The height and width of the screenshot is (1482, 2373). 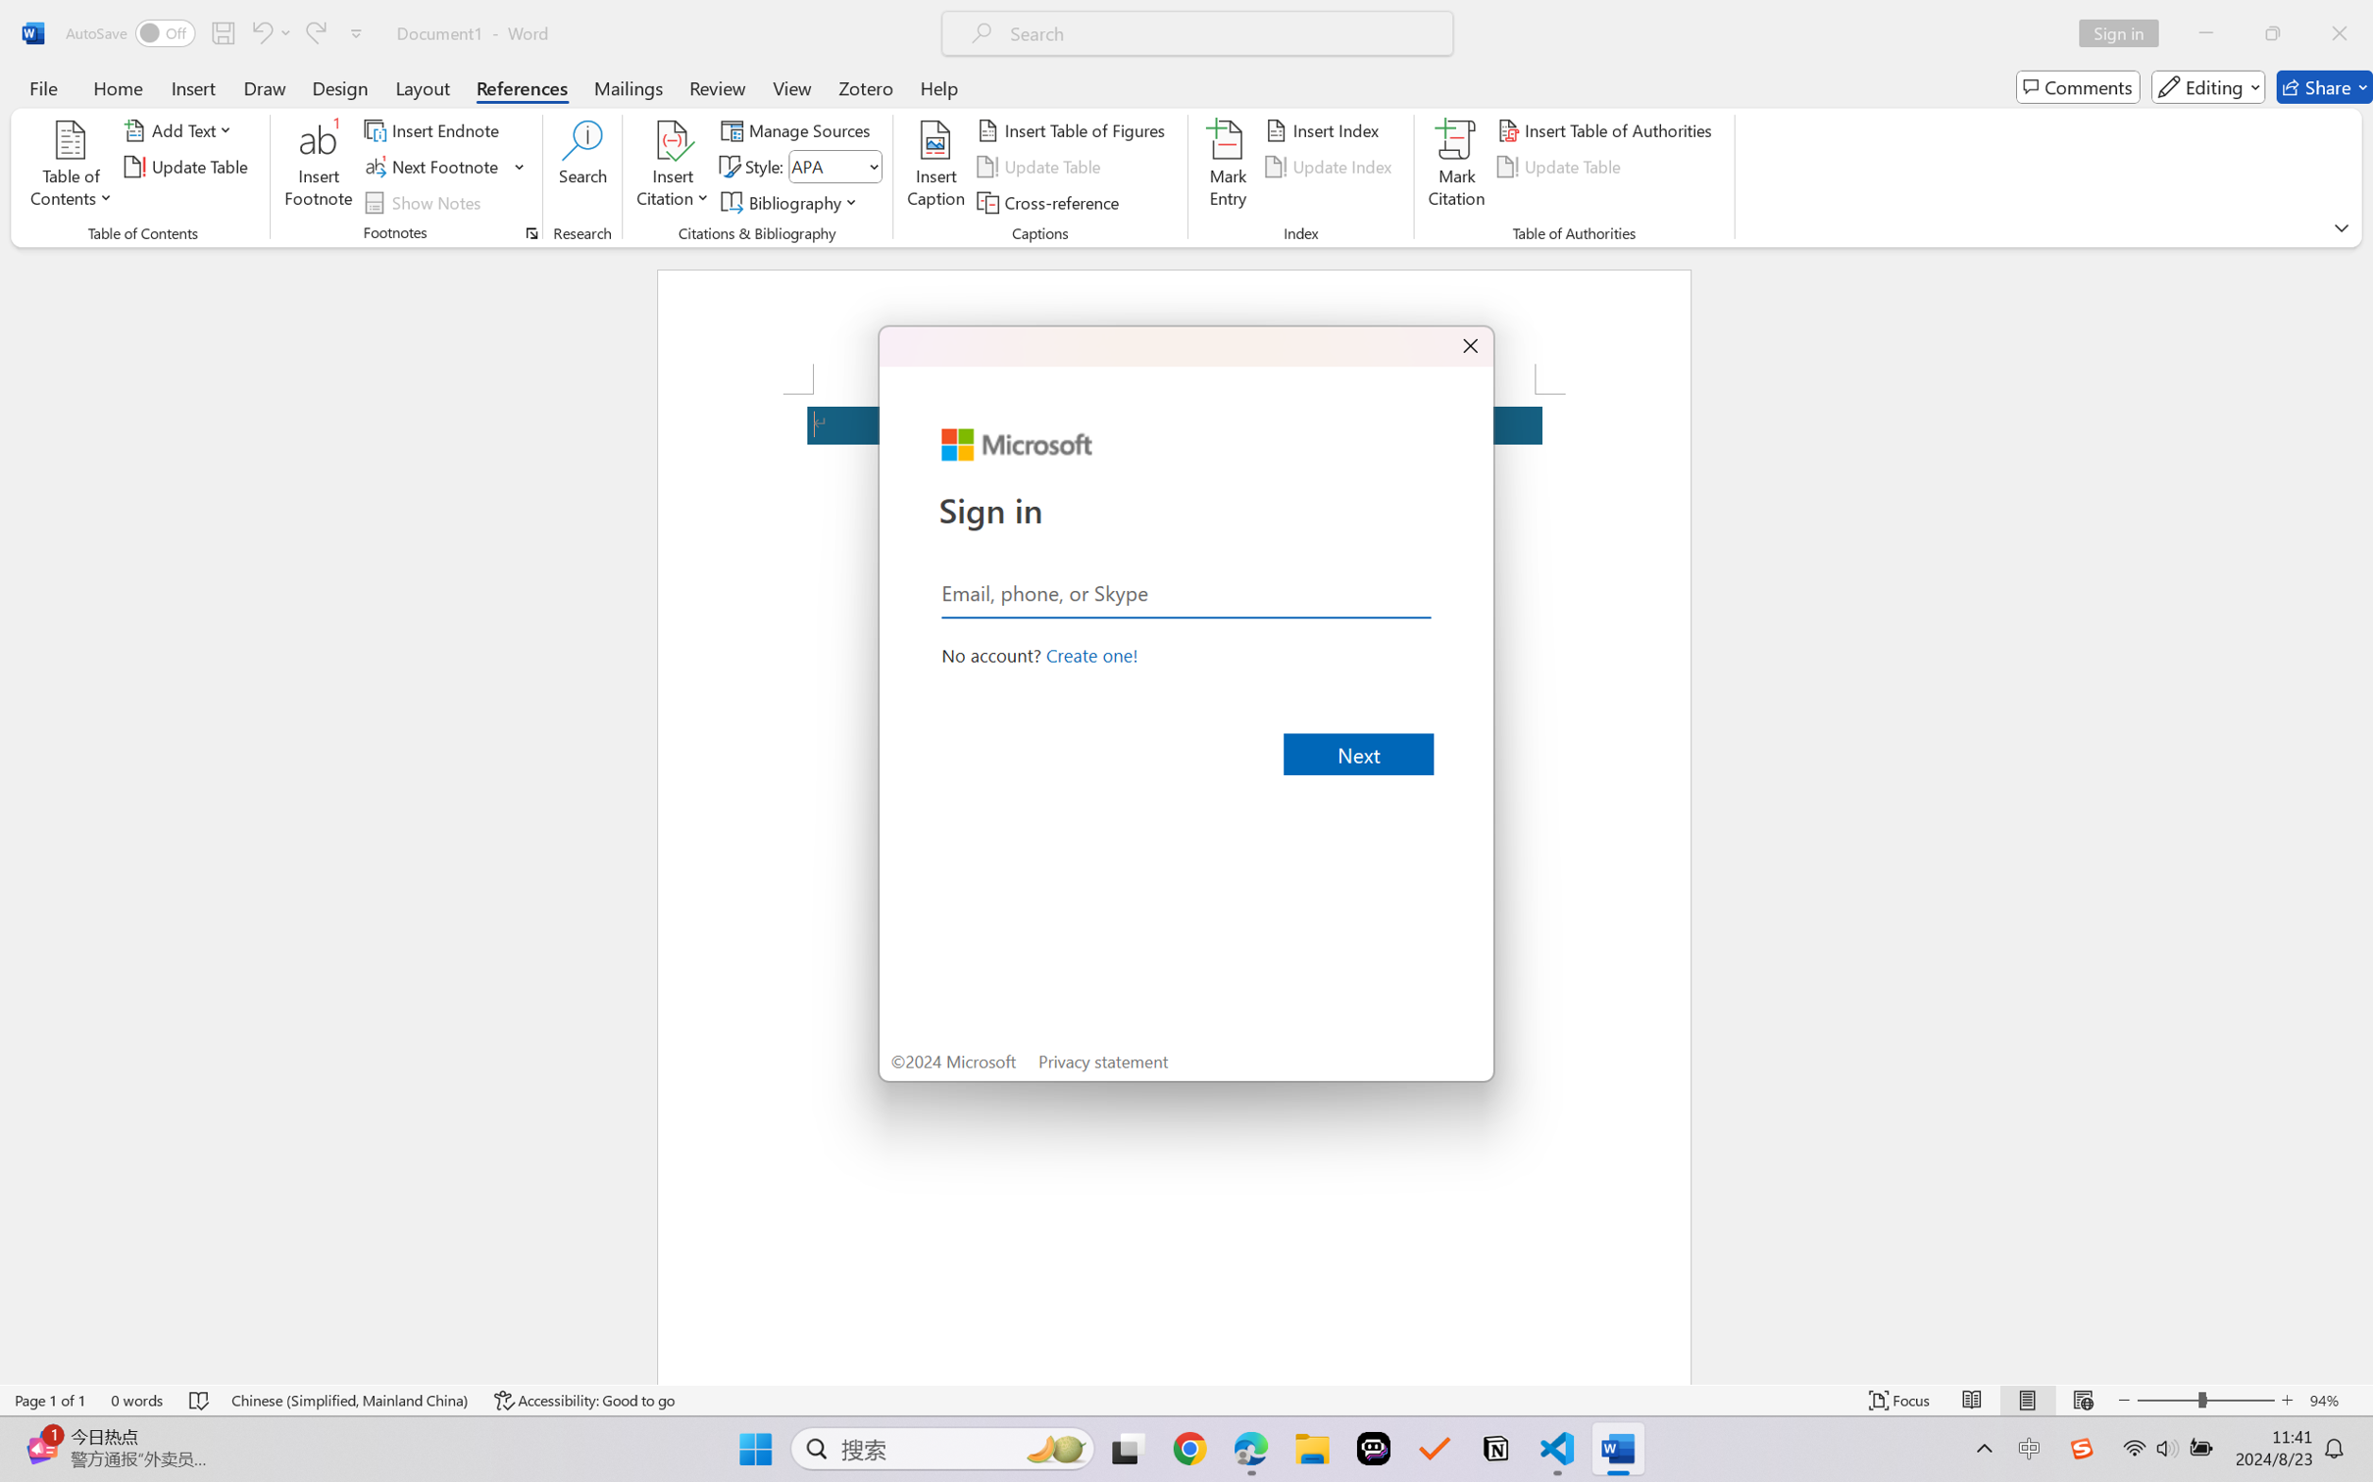 What do you see at coordinates (671, 167) in the screenshot?
I see `'Insert Citation'` at bounding box center [671, 167].